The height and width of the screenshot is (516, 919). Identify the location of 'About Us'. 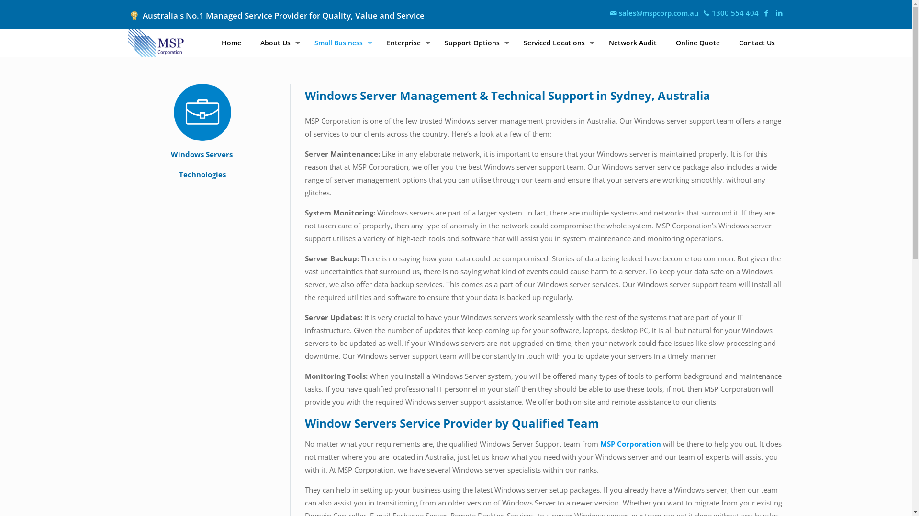
(277, 42).